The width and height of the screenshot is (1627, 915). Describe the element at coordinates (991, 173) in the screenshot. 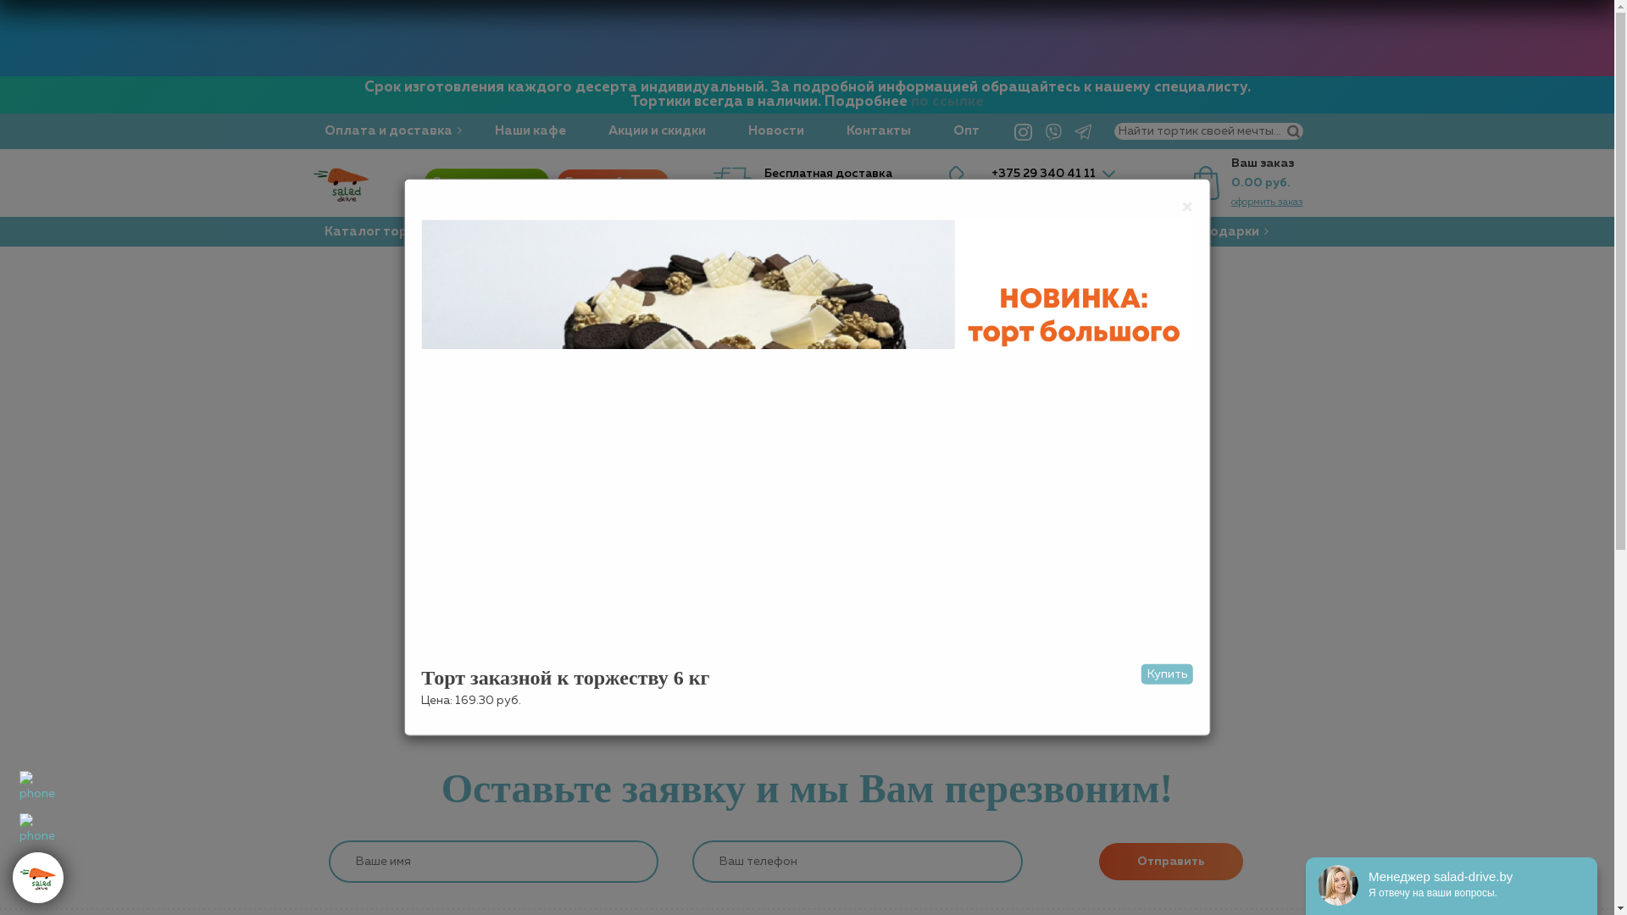

I see `'+375 29 340 41 11'` at that location.